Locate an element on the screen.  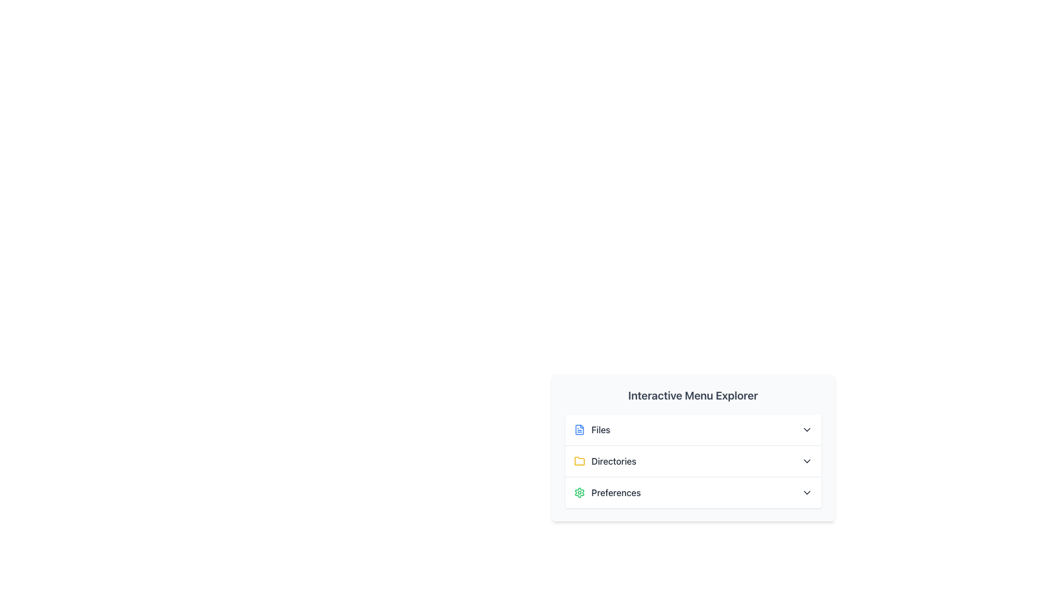
the menu item located in the third row of the menu panel, directly below the 'Directories' entry is located at coordinates (606, 492).